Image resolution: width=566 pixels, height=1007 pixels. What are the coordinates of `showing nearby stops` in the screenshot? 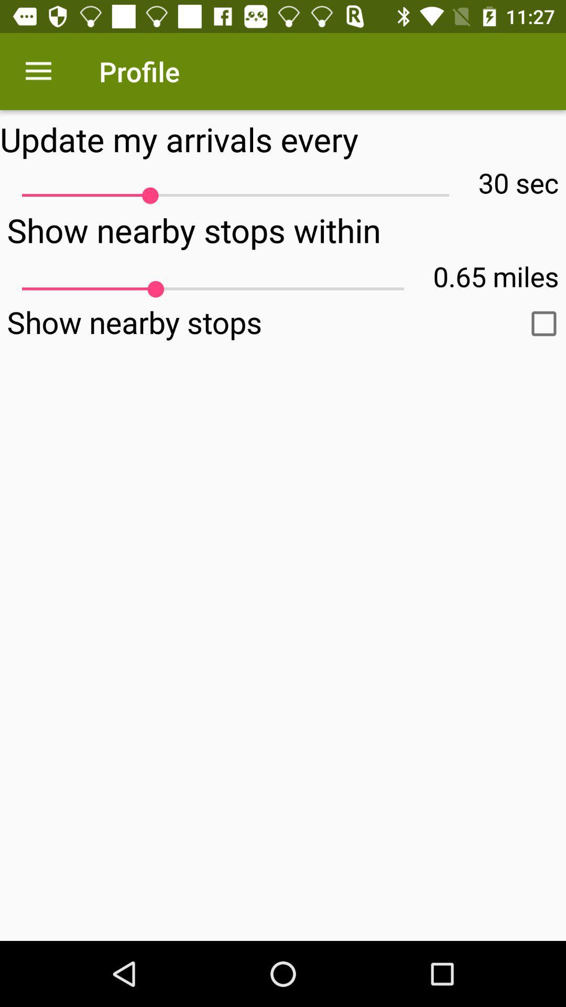 It's located at (543, 323).